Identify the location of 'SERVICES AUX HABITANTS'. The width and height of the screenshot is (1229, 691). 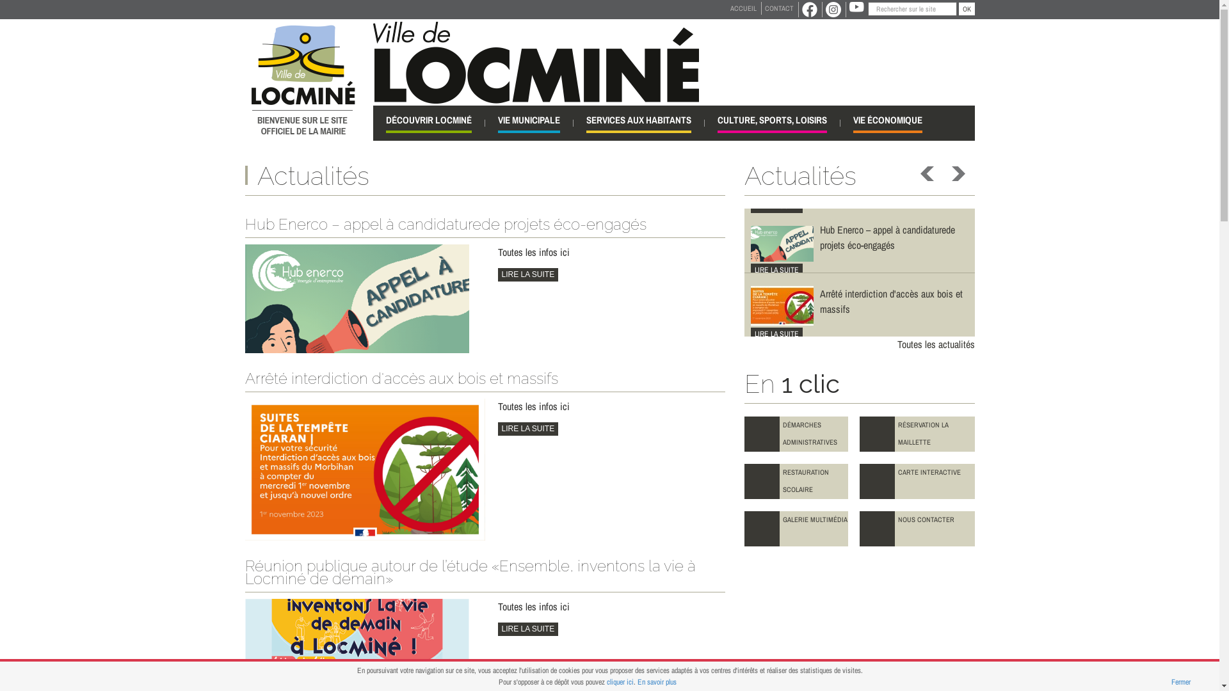
(639, 123).